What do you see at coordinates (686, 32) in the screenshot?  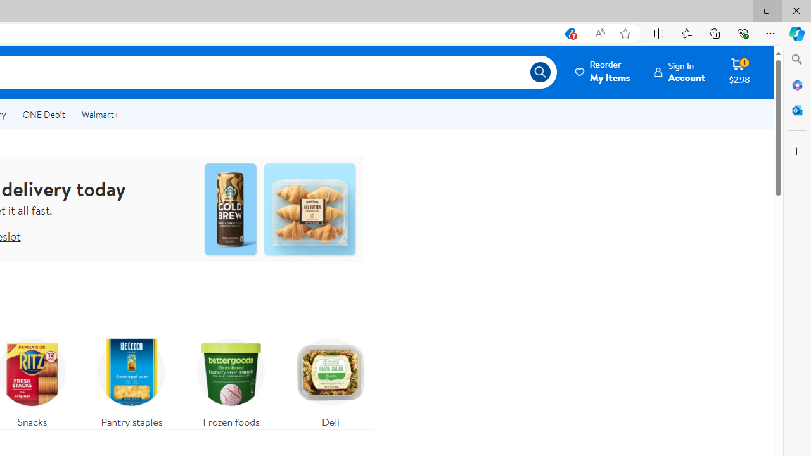 I see `'Favorites'` at bounding box center [686, 32].